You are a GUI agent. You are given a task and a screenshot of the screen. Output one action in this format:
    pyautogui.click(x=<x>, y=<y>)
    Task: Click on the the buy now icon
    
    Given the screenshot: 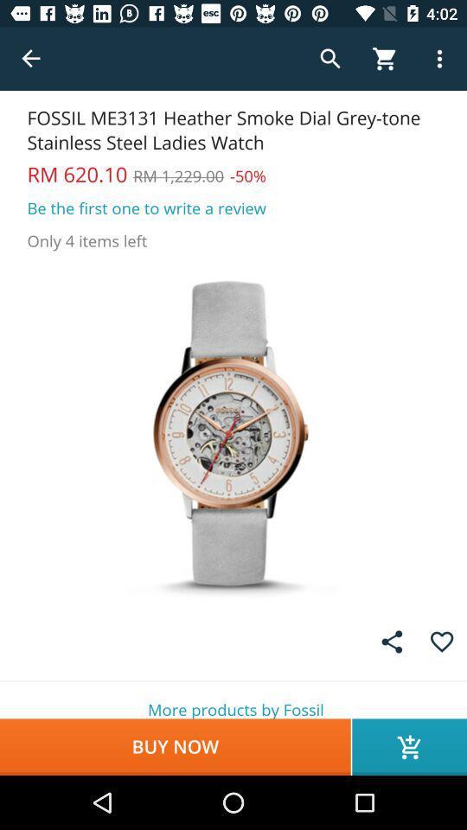 What is the action you would take?
    pyautogui.click(x=175, y=746)
    